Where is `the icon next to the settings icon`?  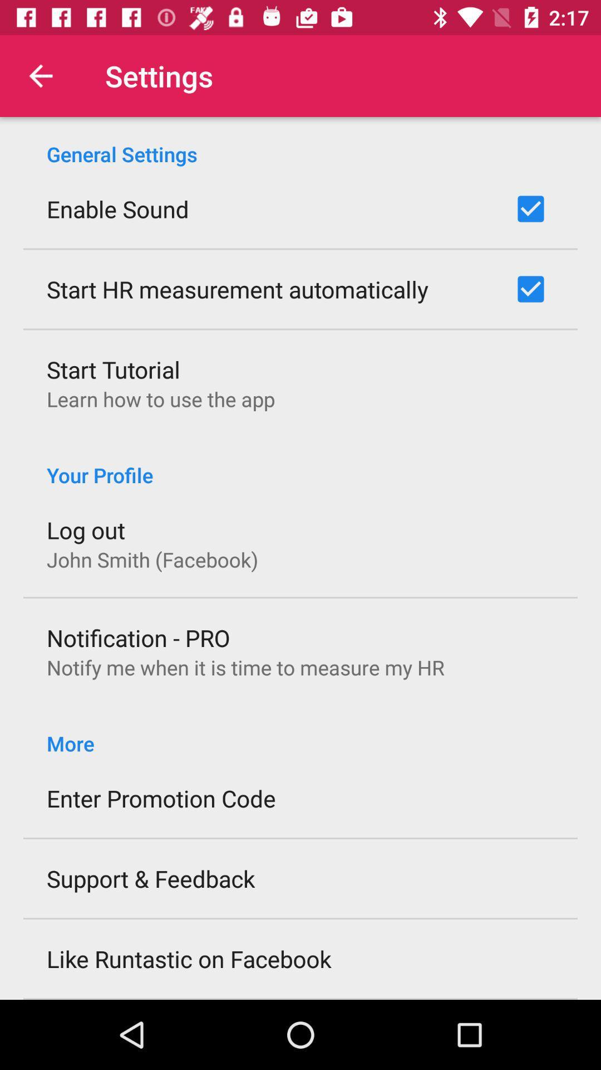
the icon next to the settings icon is located at coordinates (40, 75).